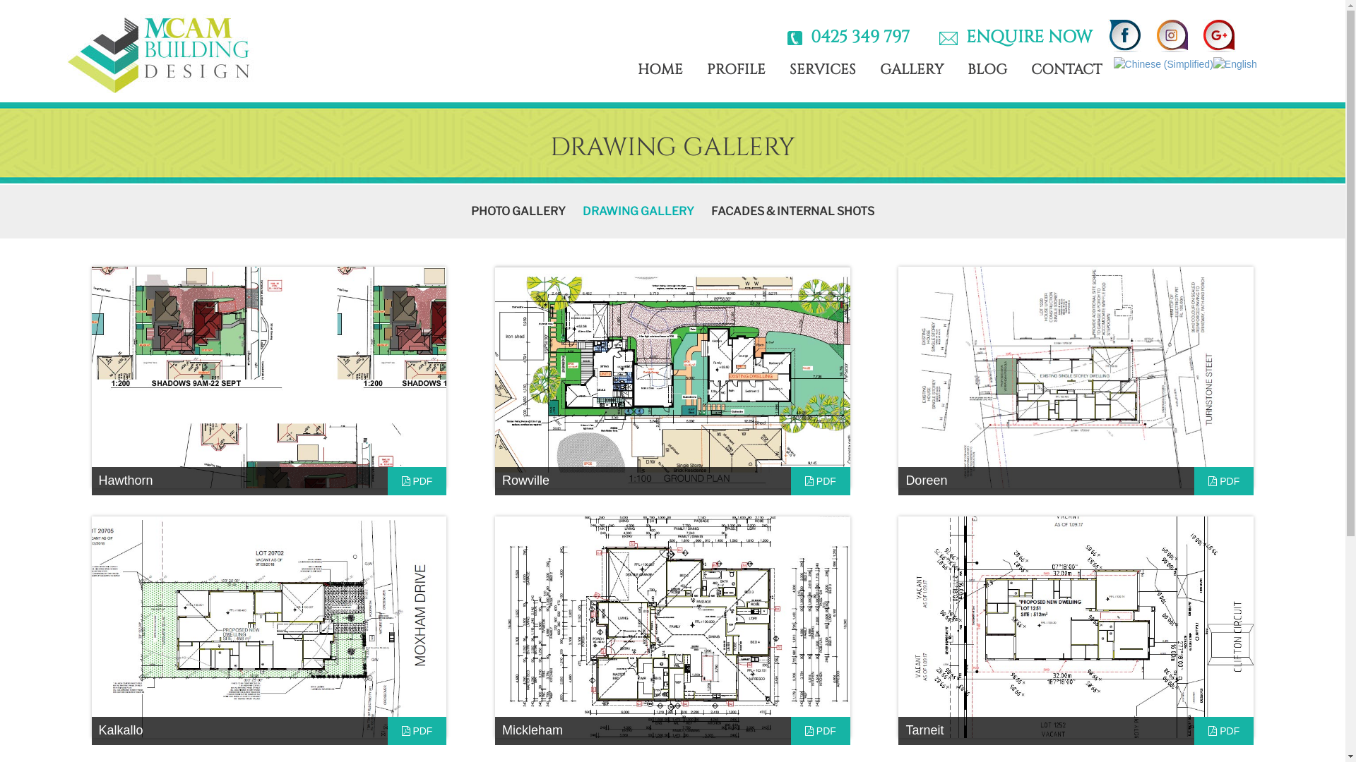 The width and height of the screenshot is (1356, 762). Describe the element at coordinates (1066, 70) in the screenshot. I see `'CONTACT'` at that location.